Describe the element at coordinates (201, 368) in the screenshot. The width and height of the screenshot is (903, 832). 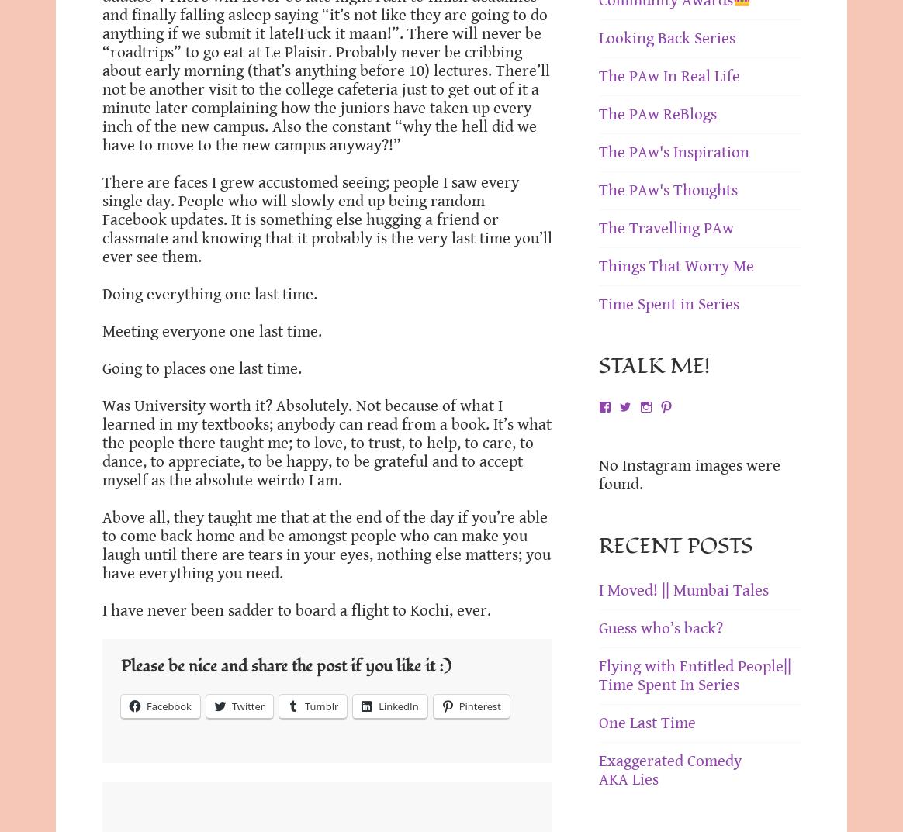
I see `'Going to places one last time.'` at that location.